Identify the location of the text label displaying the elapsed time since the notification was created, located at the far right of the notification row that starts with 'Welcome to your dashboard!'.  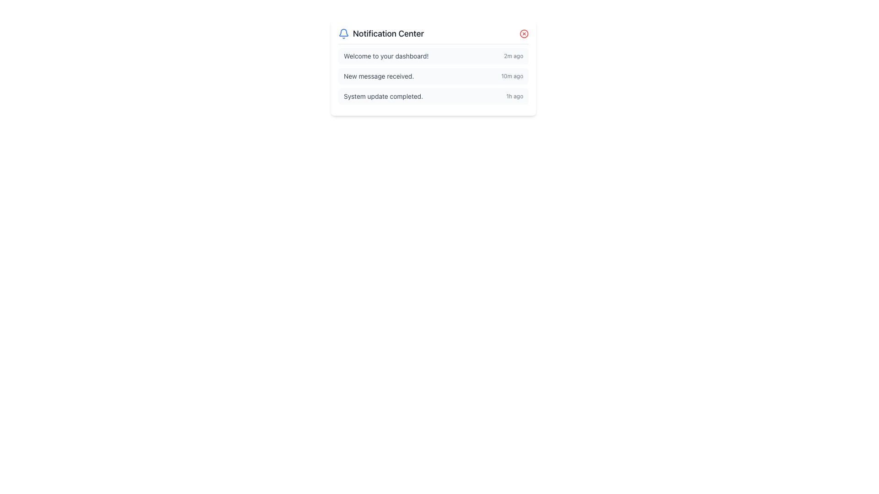
(513, 56).